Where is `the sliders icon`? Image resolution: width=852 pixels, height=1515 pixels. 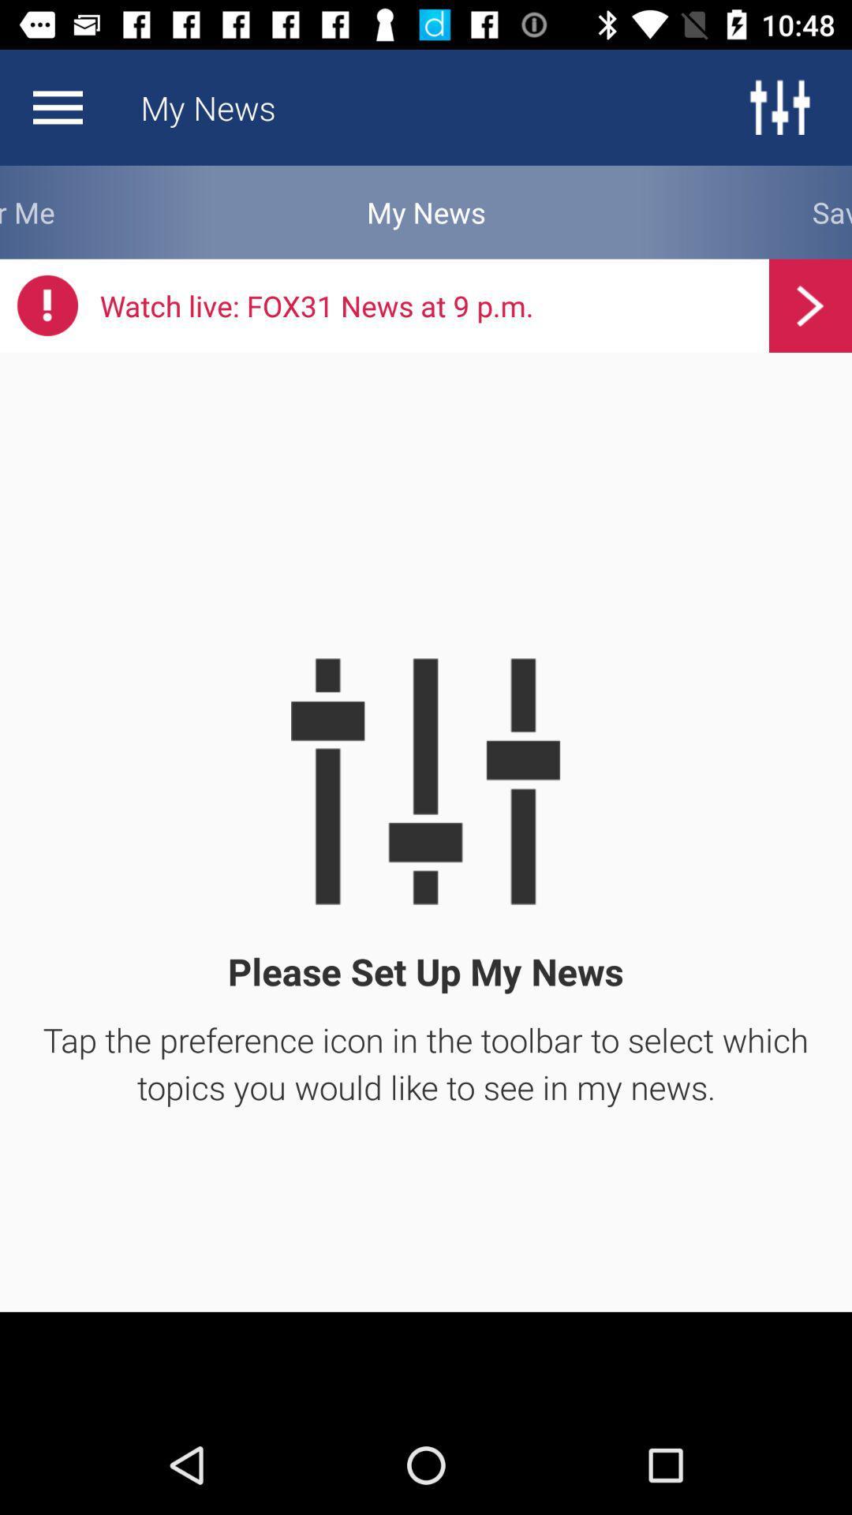 the sliders icon is located at coordinates (779, 107).